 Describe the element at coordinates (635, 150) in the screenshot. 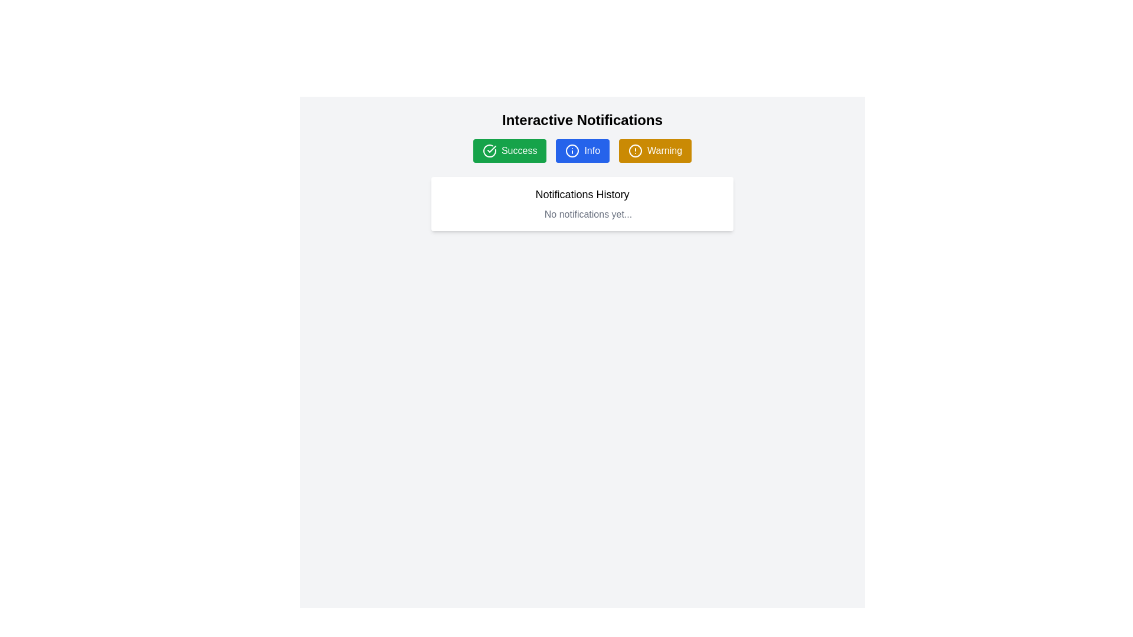

I see `the circular alert icon with a yellow background located within the 'Warning' button, which is the third button in a horizontal row at the top of the interface` at that location.